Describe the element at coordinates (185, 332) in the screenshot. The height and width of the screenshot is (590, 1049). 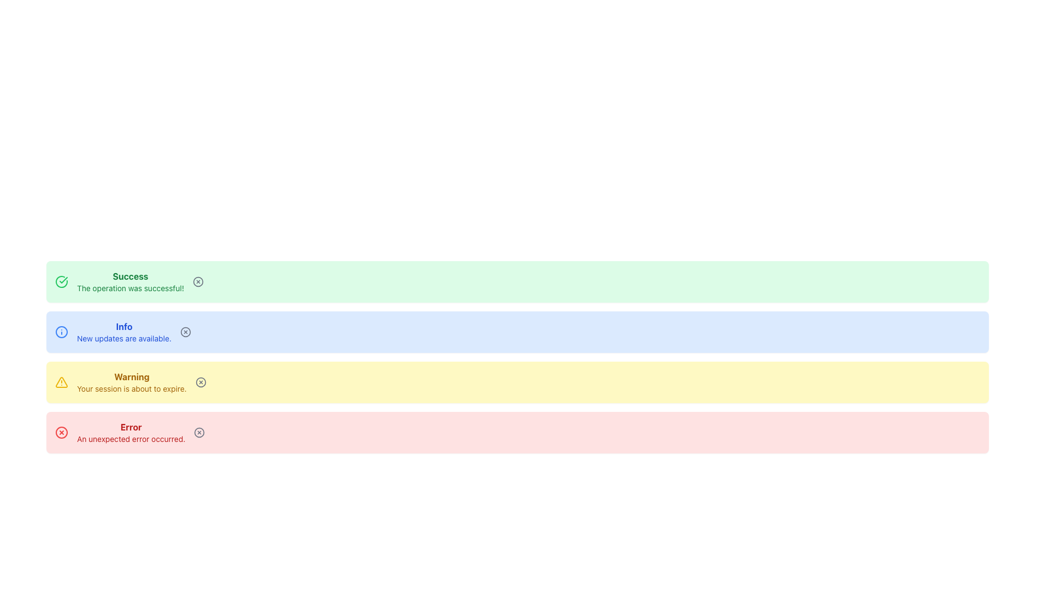
I see `the close button located at the far right end of the 'Info' banner with a blue background that displays 'New updates are available'` at that location.